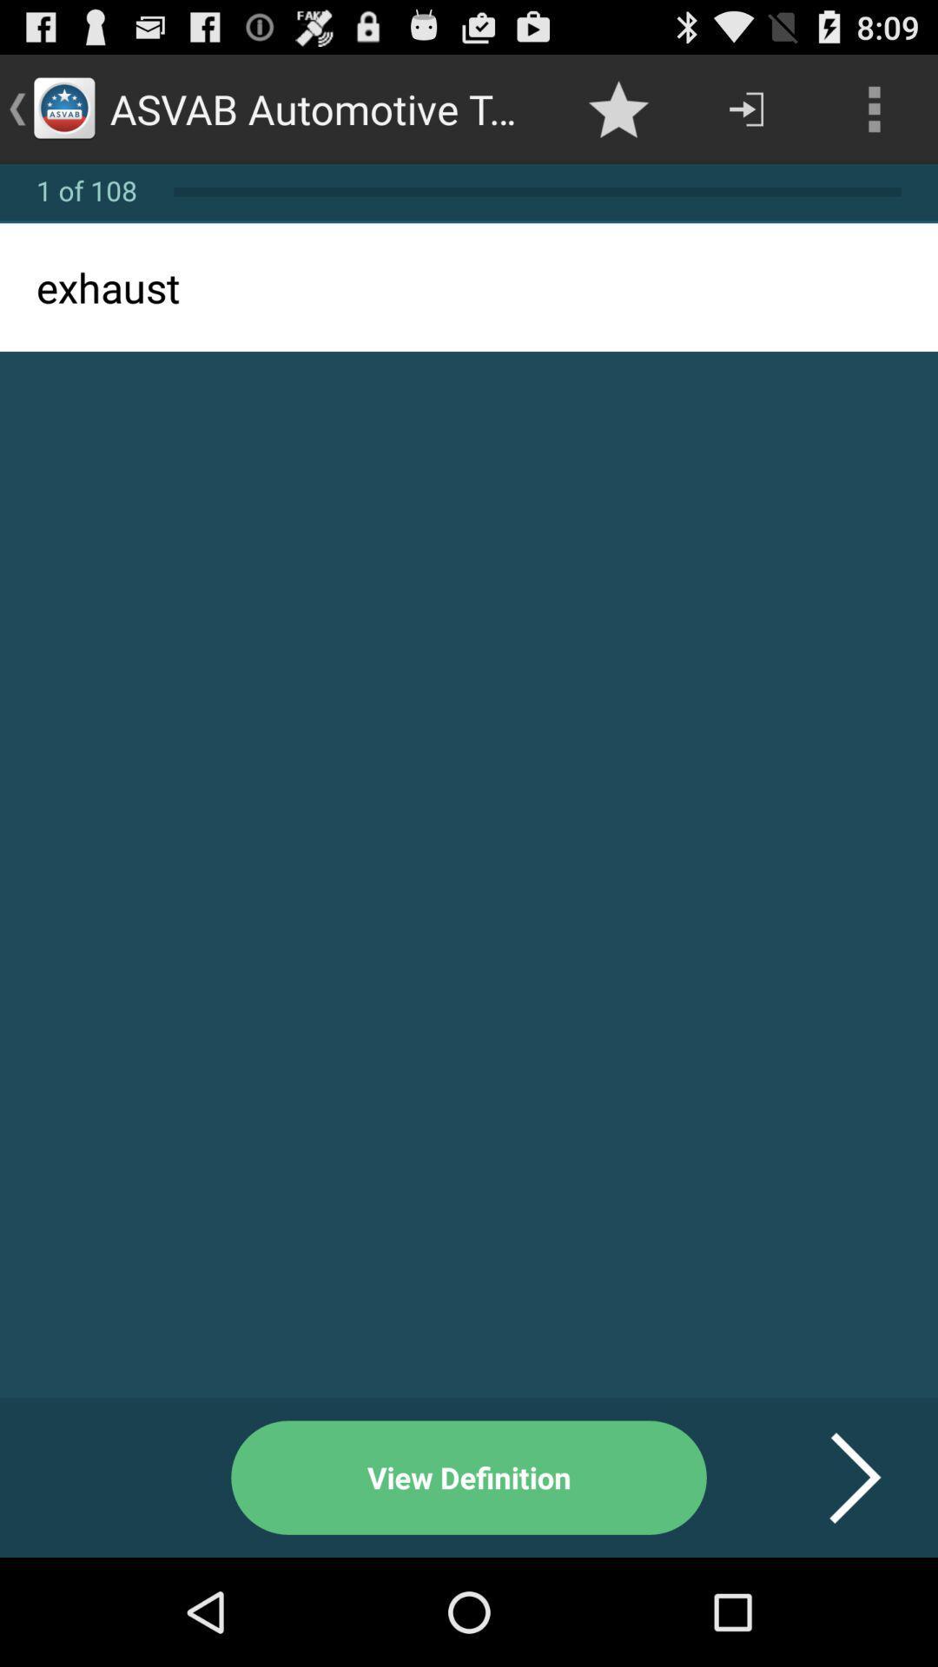 Image resolution: width=938 pixels, height=1667 pixels. I want to click on item to the right of the view definition icon, so click(833, 1477).